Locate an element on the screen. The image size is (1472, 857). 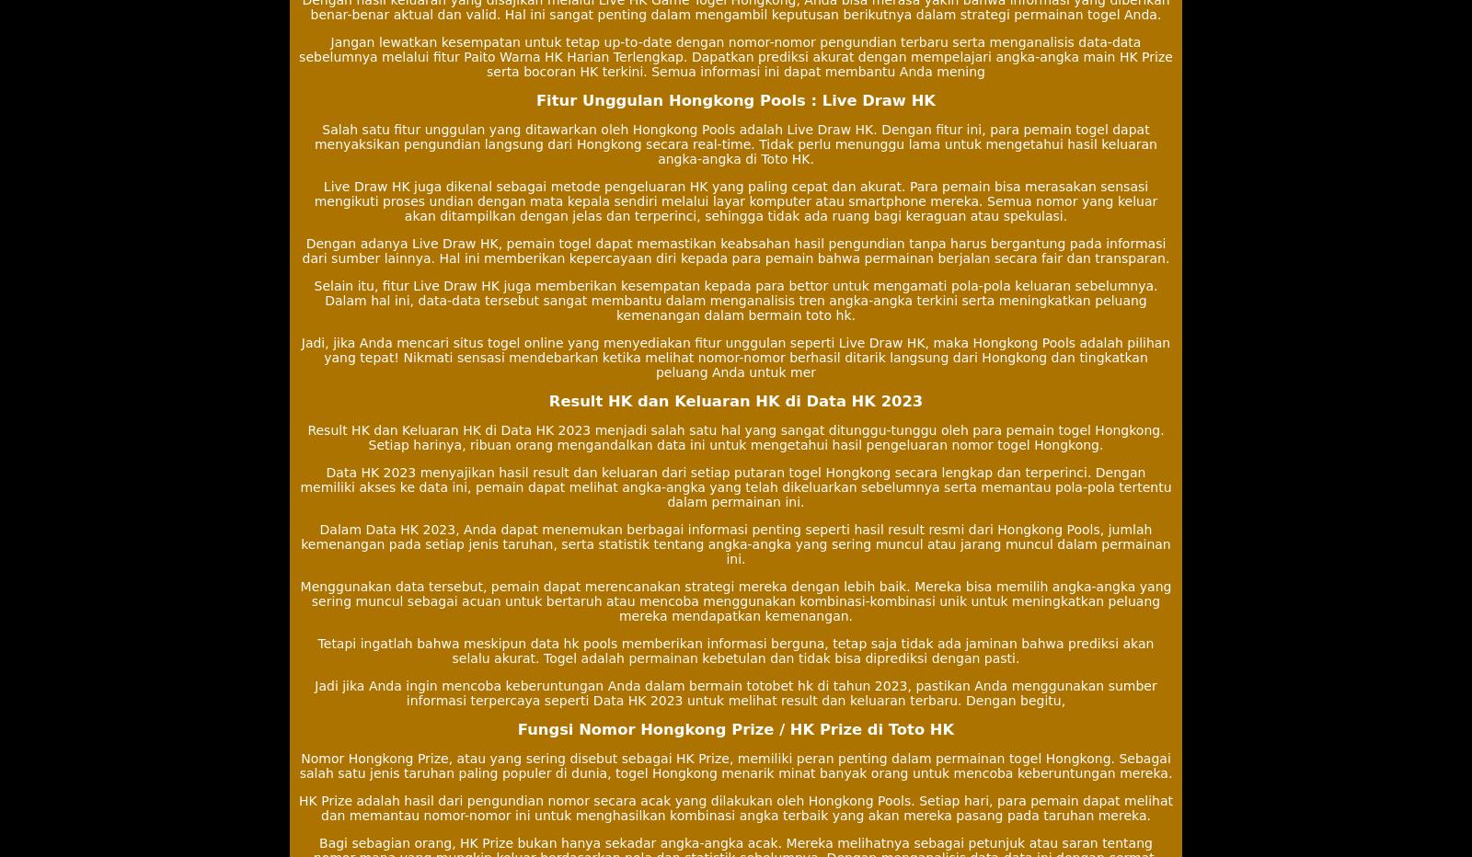
'Tetapi ingatlah bahwa meskipun data hk pools memberikan informasi berguna, tetap saja tidak ada jaminan bahwa prediksi akan selalu akurat. Togel adalah permainan kebetulan dan tidak bisa diprediksi dengan pasti.' is located at coordinates (735, 650).